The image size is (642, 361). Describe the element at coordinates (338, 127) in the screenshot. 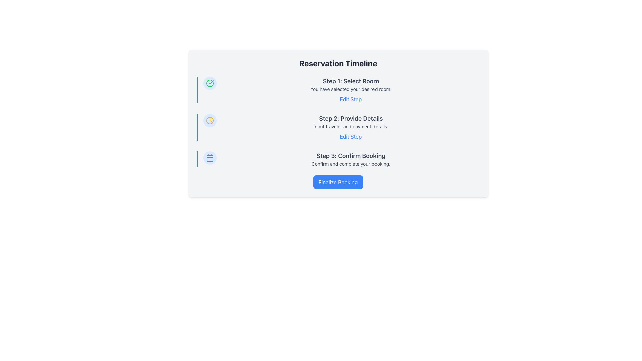

I see `the 'Step 2: Provide Details' text` at that location.